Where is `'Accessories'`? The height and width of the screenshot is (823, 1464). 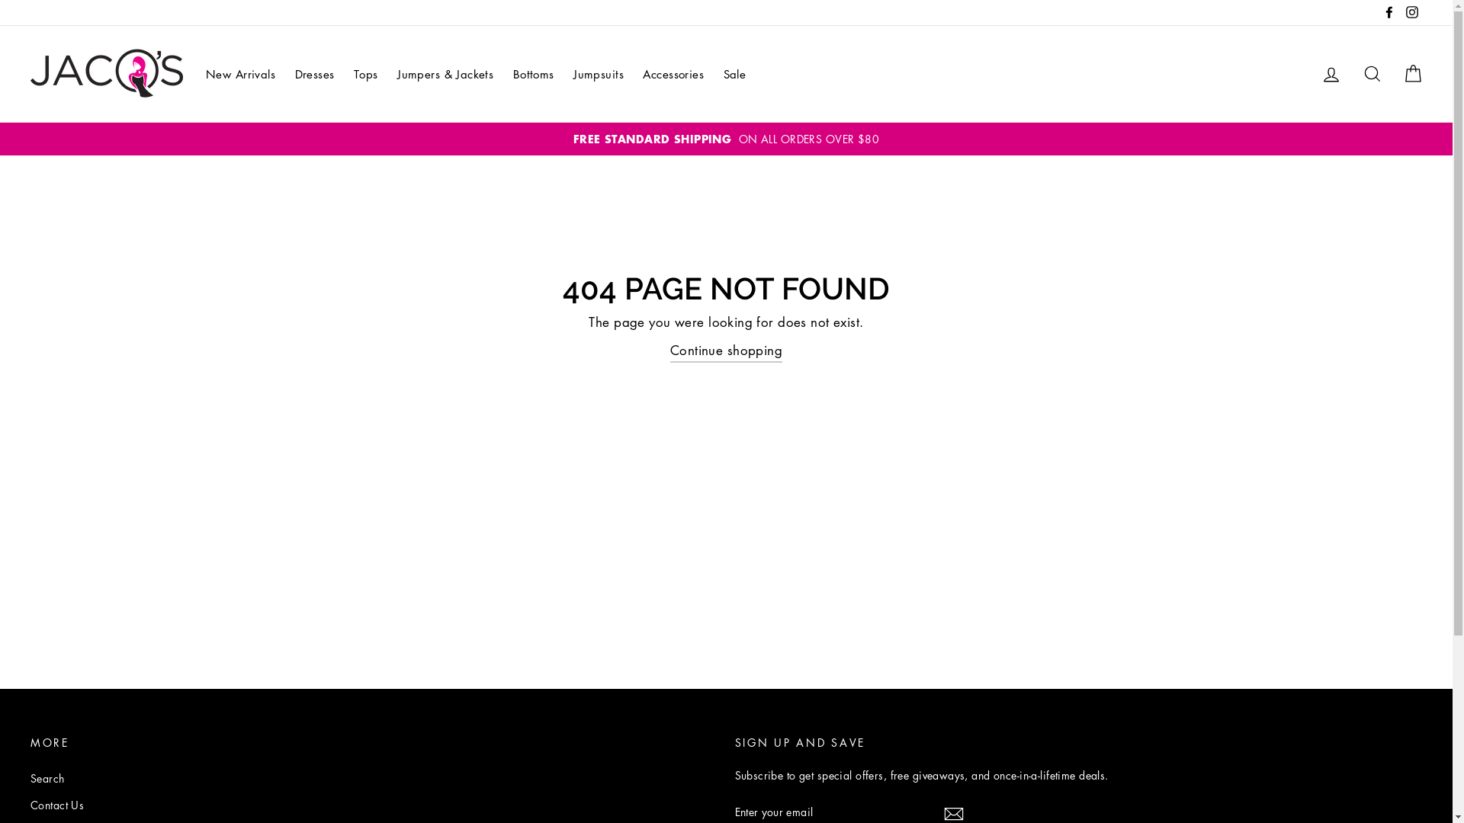 'Accessories' is located at coordinates (673, 74).